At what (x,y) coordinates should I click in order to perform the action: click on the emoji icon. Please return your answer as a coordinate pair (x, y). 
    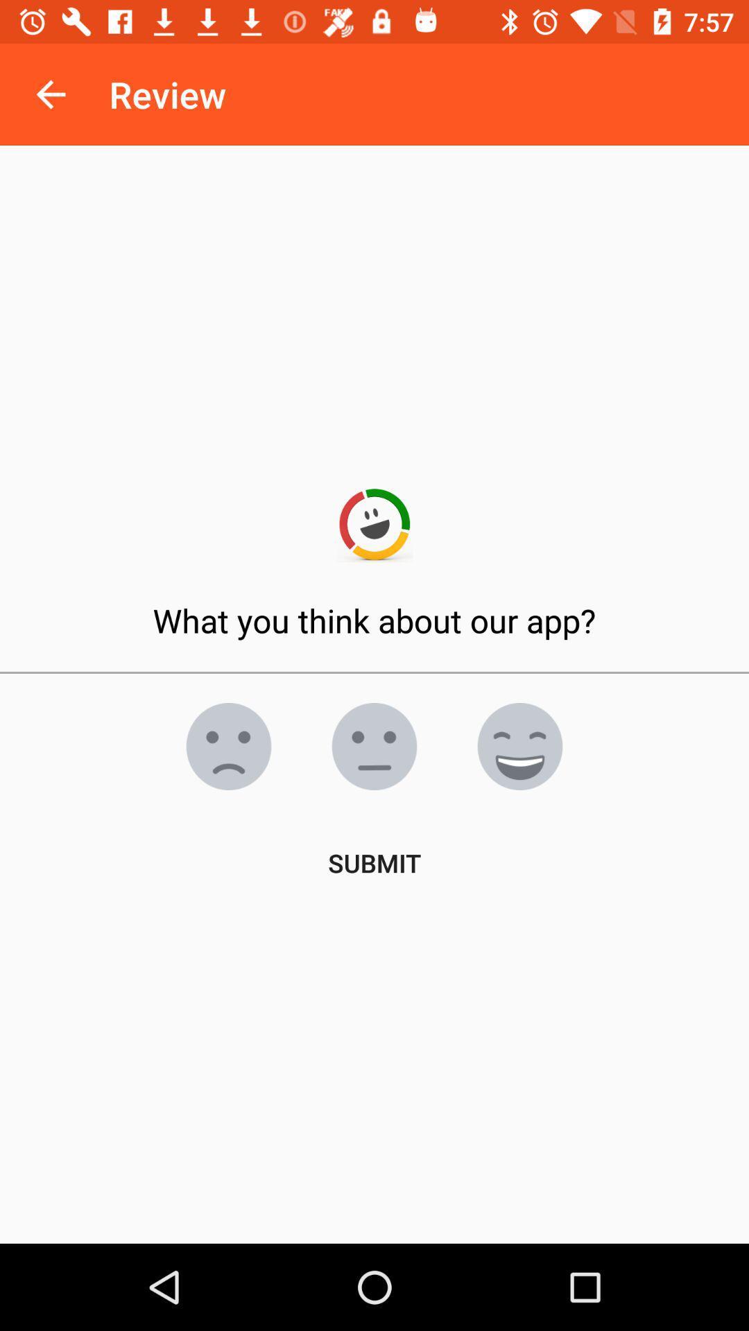
    Looking at the image, I should click on (228, 745).